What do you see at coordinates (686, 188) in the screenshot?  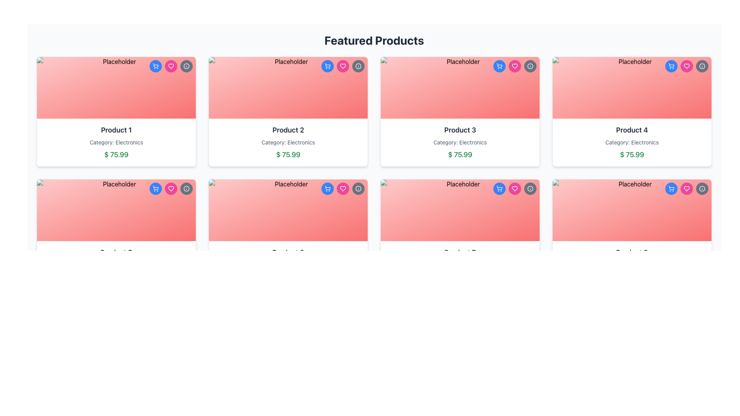 I see `the pink circular button with a white heart icon located at the top-right corner of the 'Product 8' card` at bounding box center [686, 188].